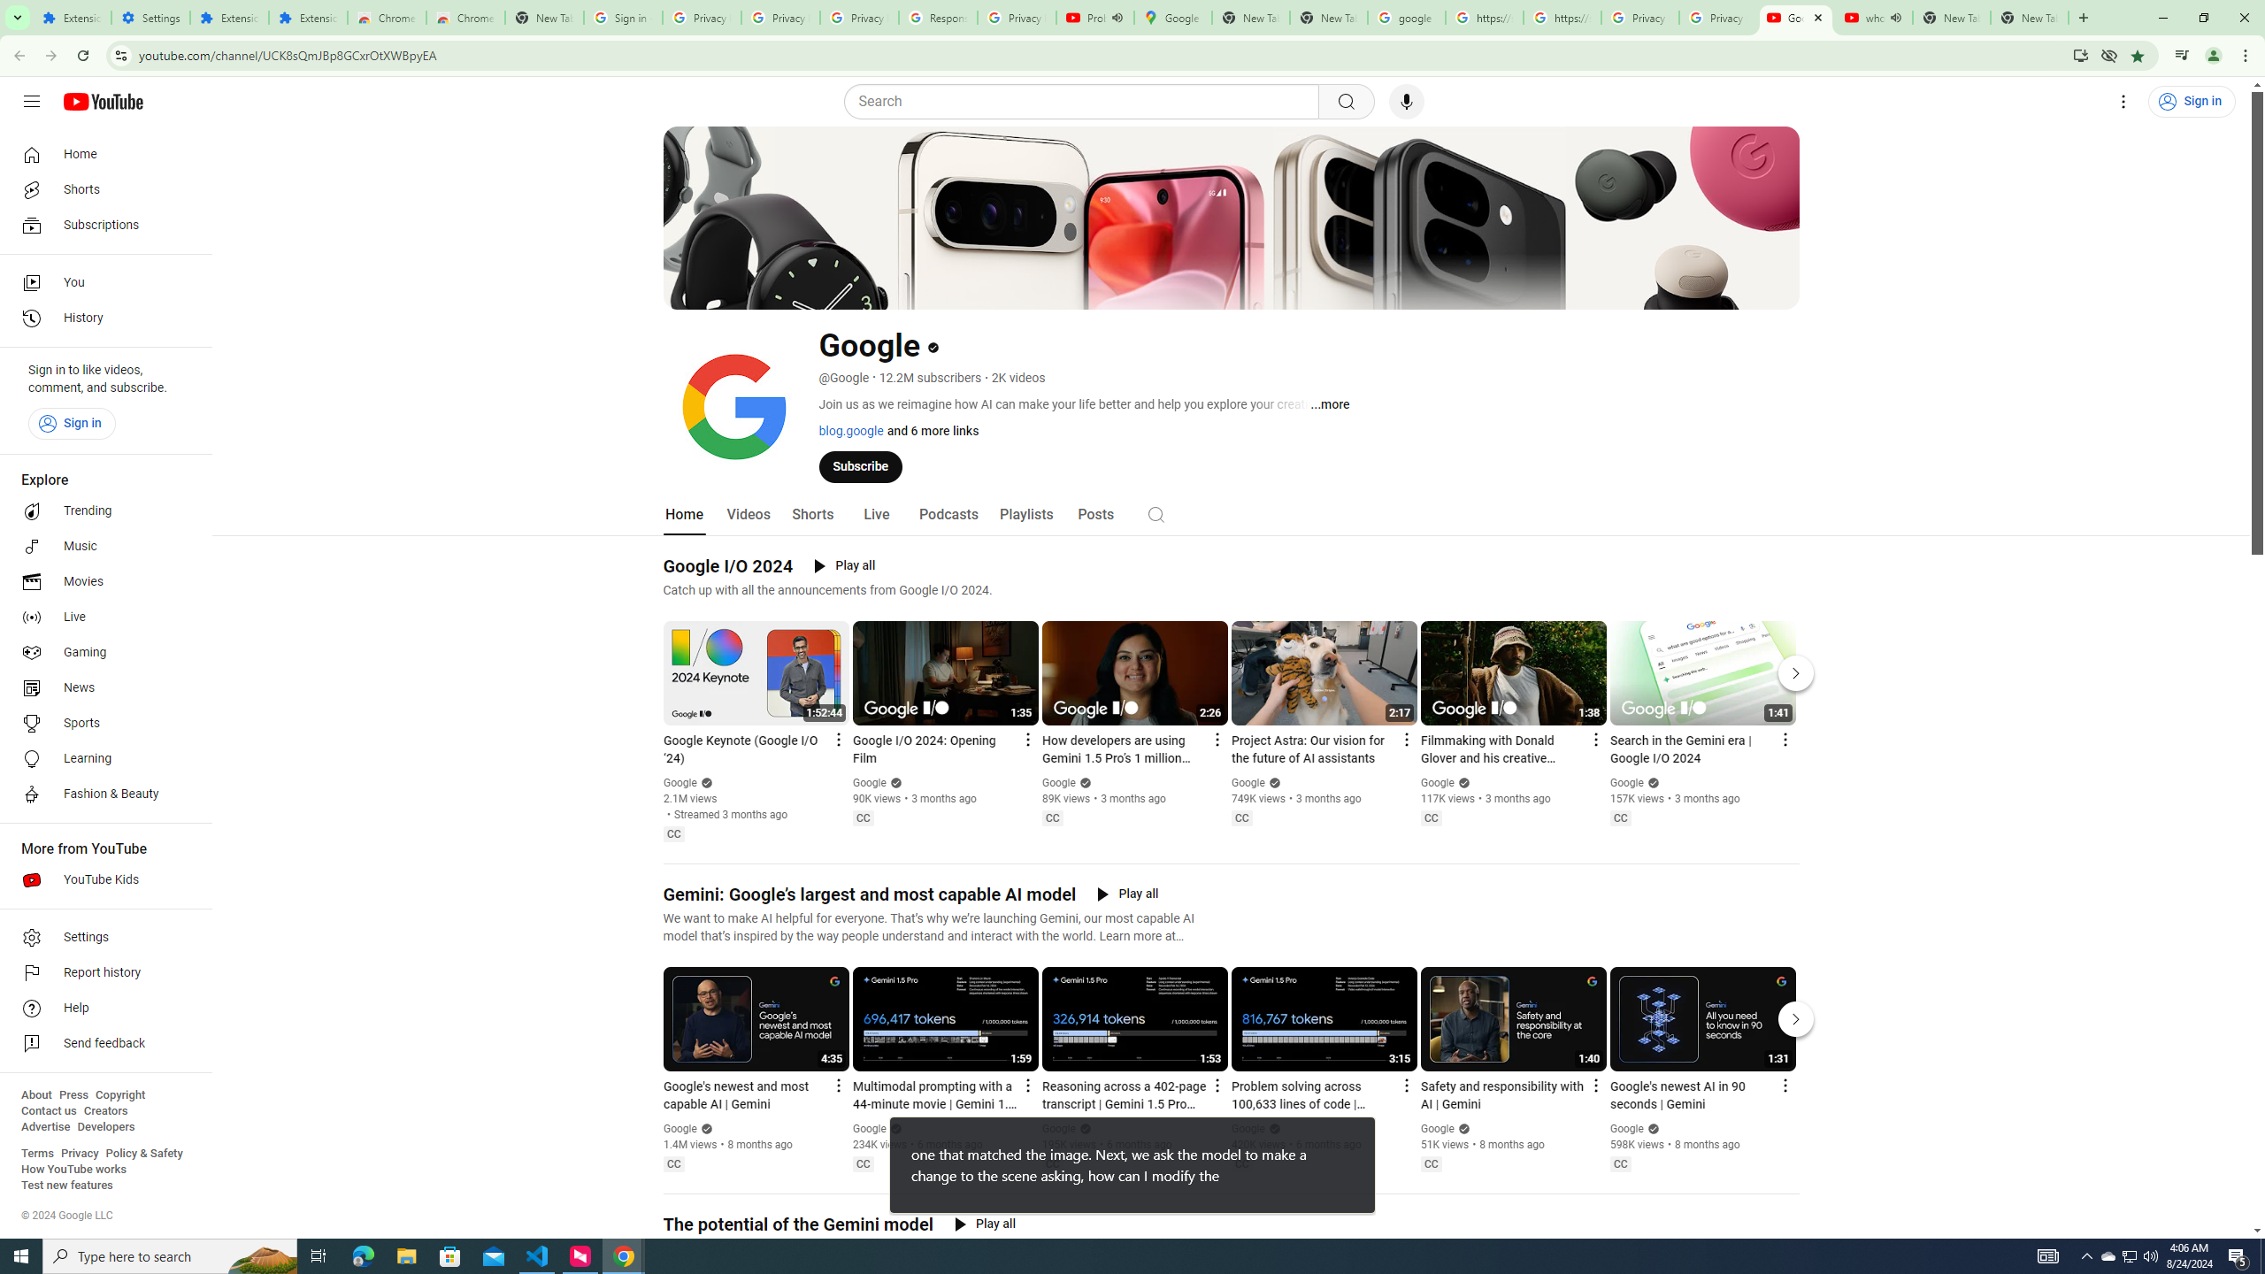 This screenshot has width=2265, height=1274. Describe the element at coordinates (65, 1184) in the screenshot. I see `'Test new features'` at that location.